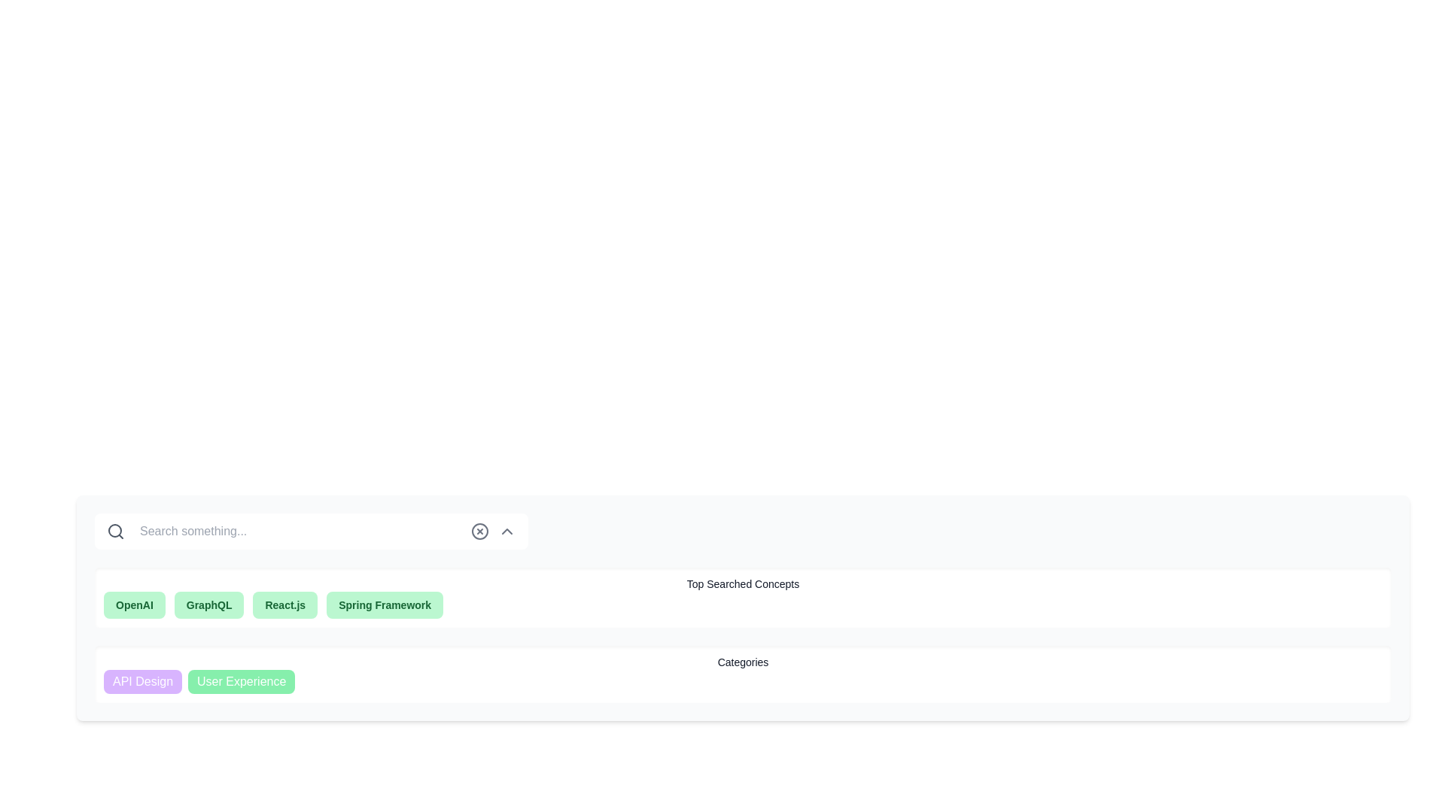 This screenshot has width=1445, height=812. I want to click on the Text label which serves as a header for the section above the background-colored tags like 'API Design' and 'User Experience', so click(743, 661).